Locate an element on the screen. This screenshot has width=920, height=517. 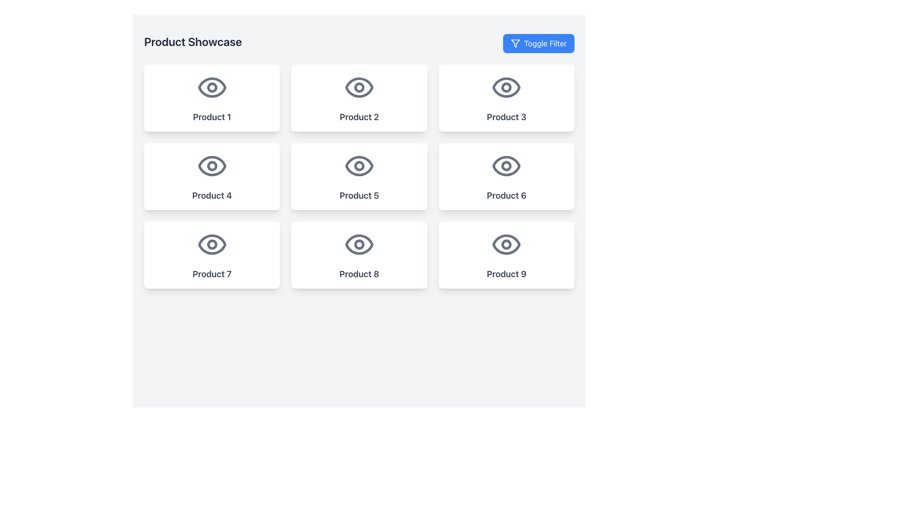
the Grid Item Card located in the second column of the first row is located at coordinates (358, 98).